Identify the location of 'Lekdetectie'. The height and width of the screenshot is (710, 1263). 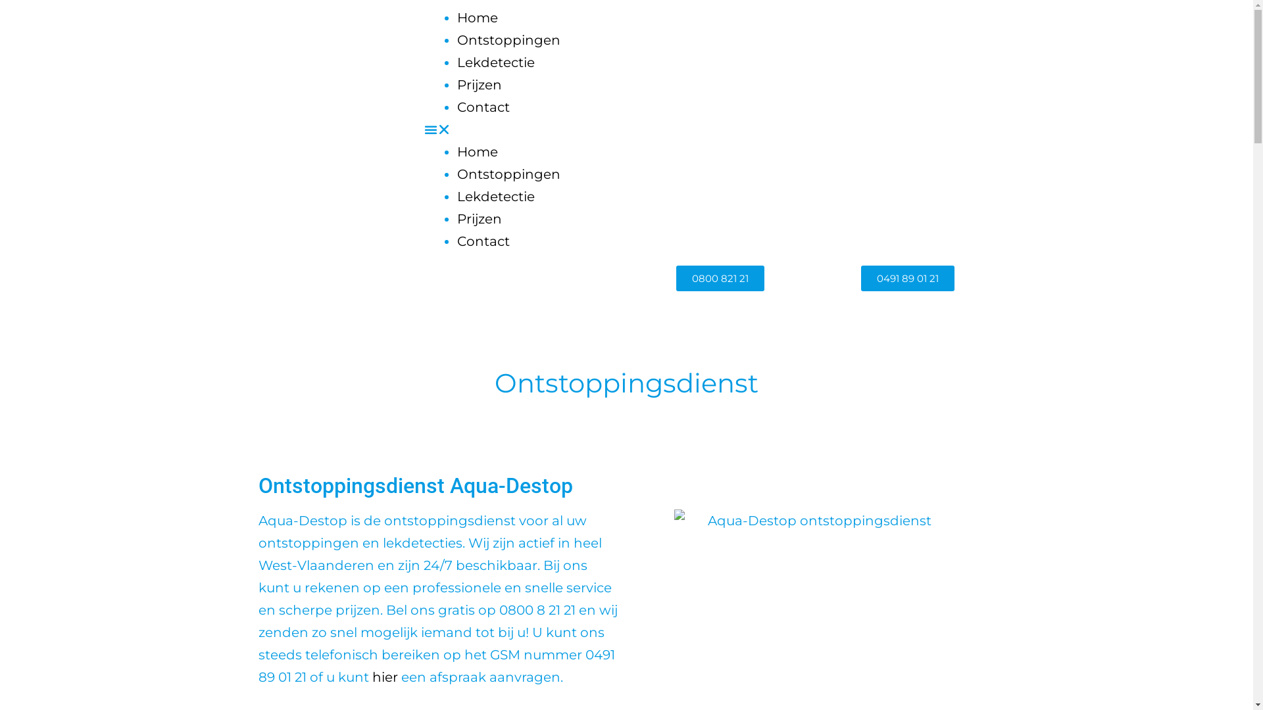
(495, 62).